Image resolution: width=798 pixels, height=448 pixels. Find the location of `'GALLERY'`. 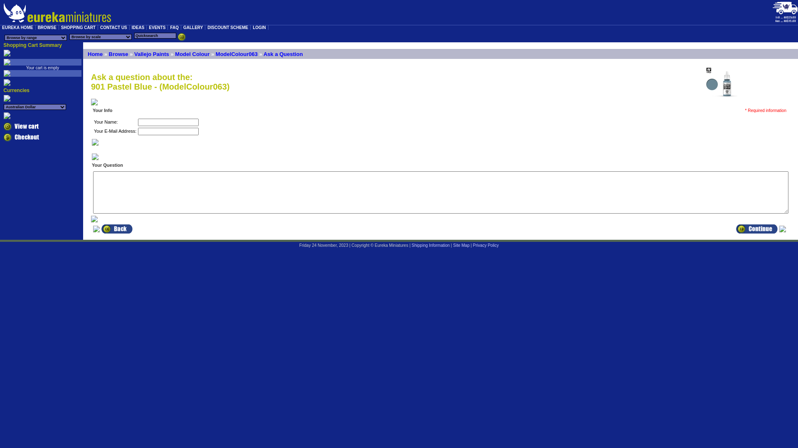

'GALLERY' is located at coordinates (193, 27).